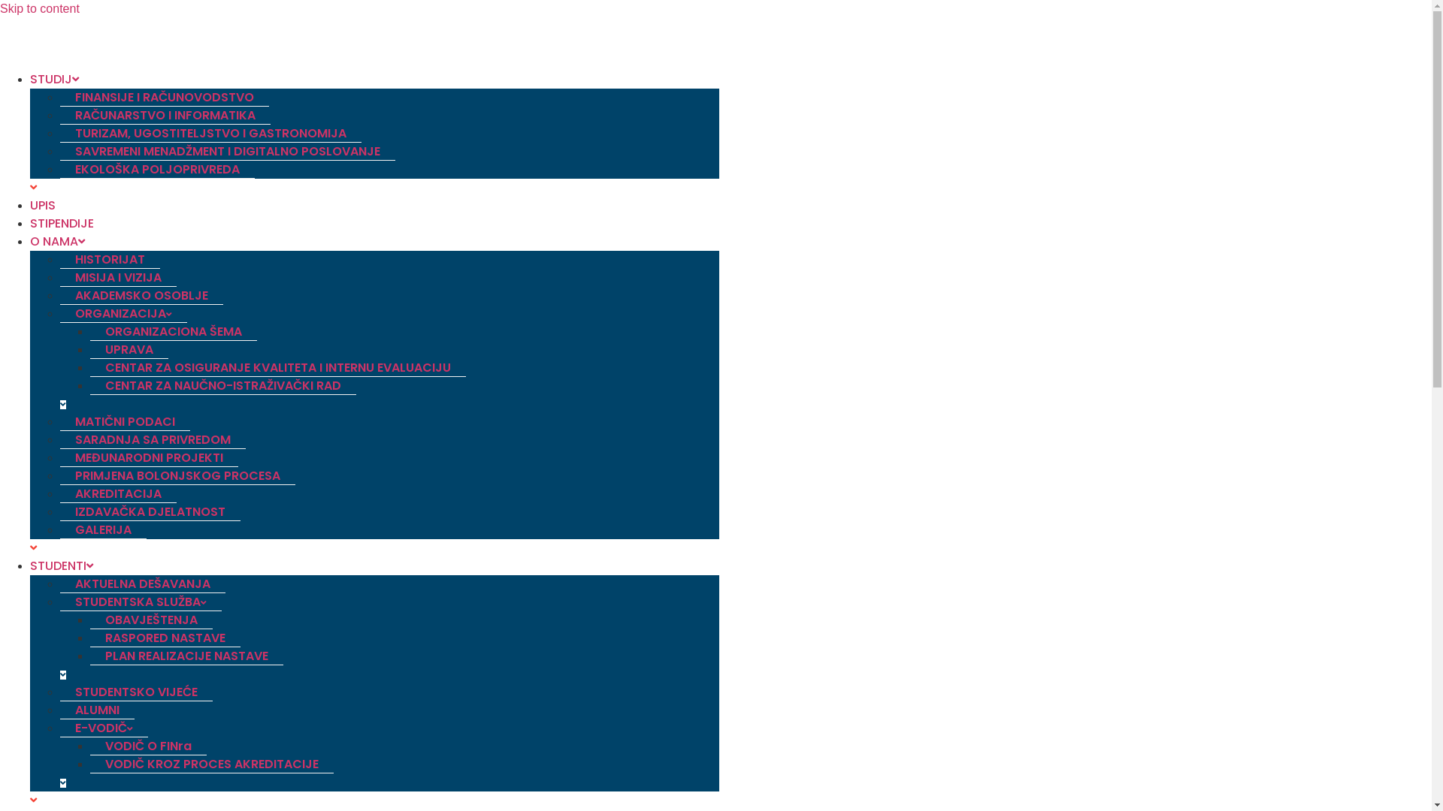  What do you see at coordinates (186, 656) in the screenshot?
I see `'PLAN REALIZACIJE NASTAVE'` at bounding box center [186, 656].